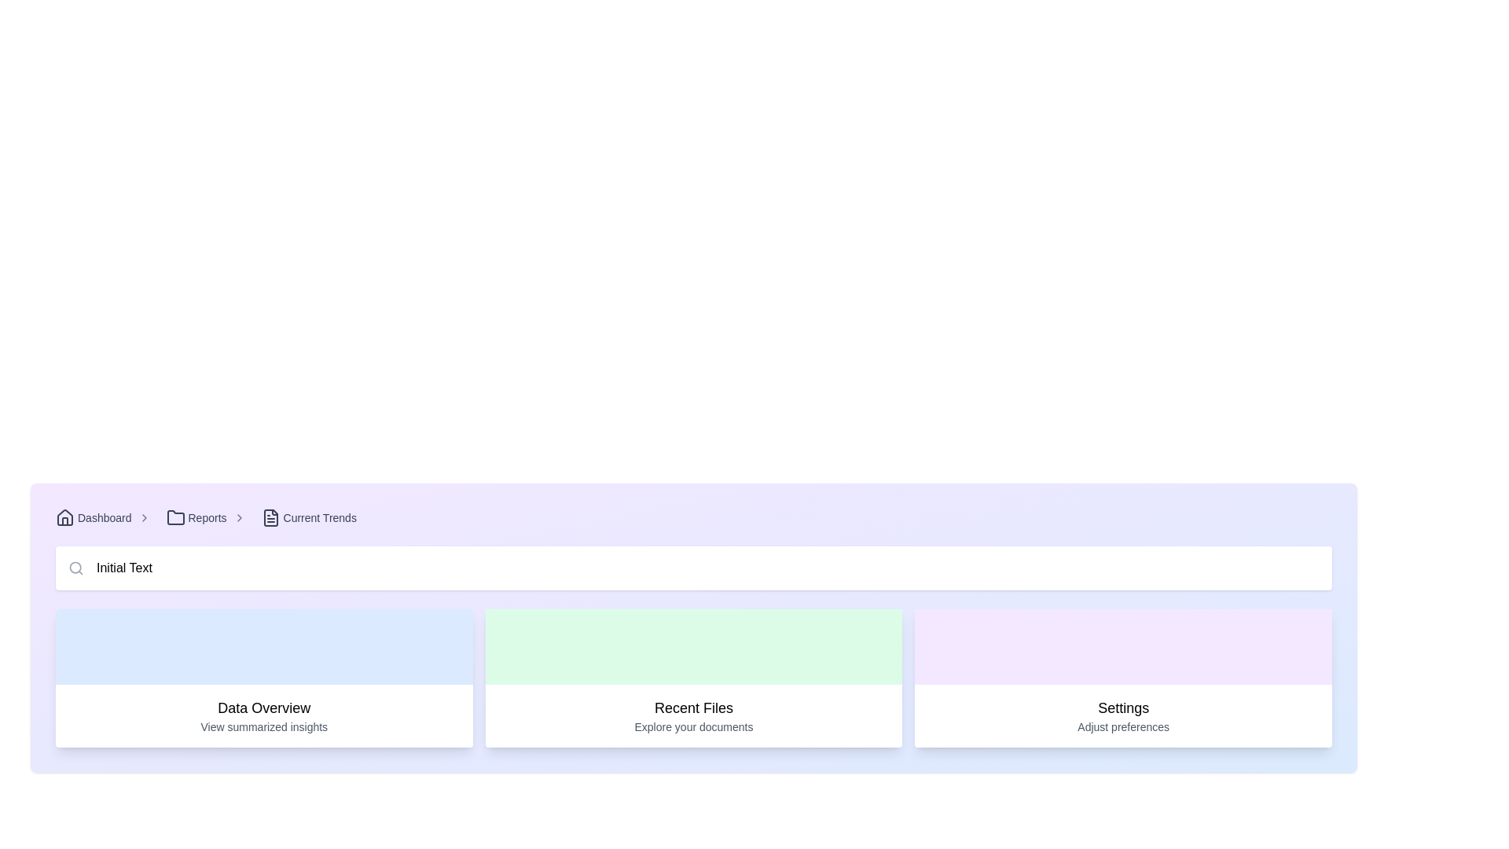 The width and height of the screenshot is (1509, 849). I want to click on the descriptive text label located at the bottom of the 'Data Overview' section, so click(264, 727).